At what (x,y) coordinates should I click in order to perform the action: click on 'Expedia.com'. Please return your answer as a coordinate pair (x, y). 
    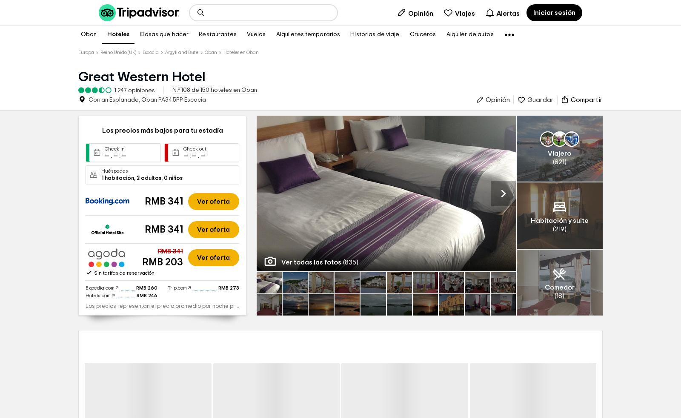
    Looking at the image, I should click on (100, 367).